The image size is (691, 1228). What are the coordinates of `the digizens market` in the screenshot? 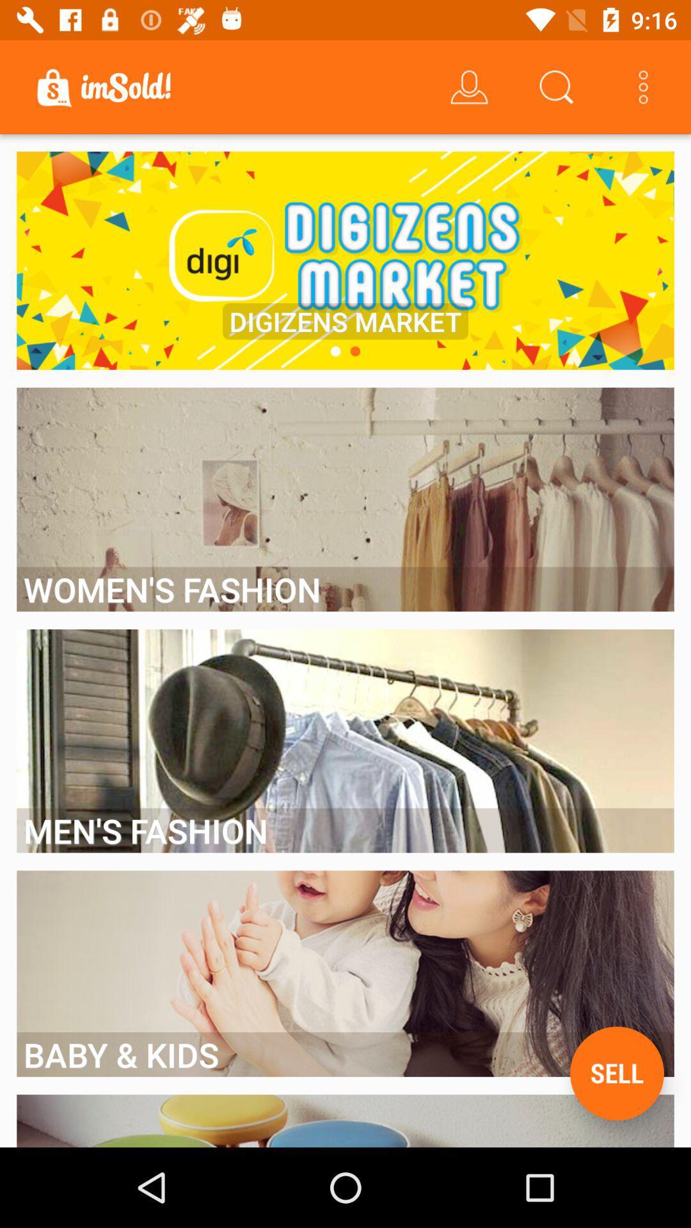 It's located at (345, 321).